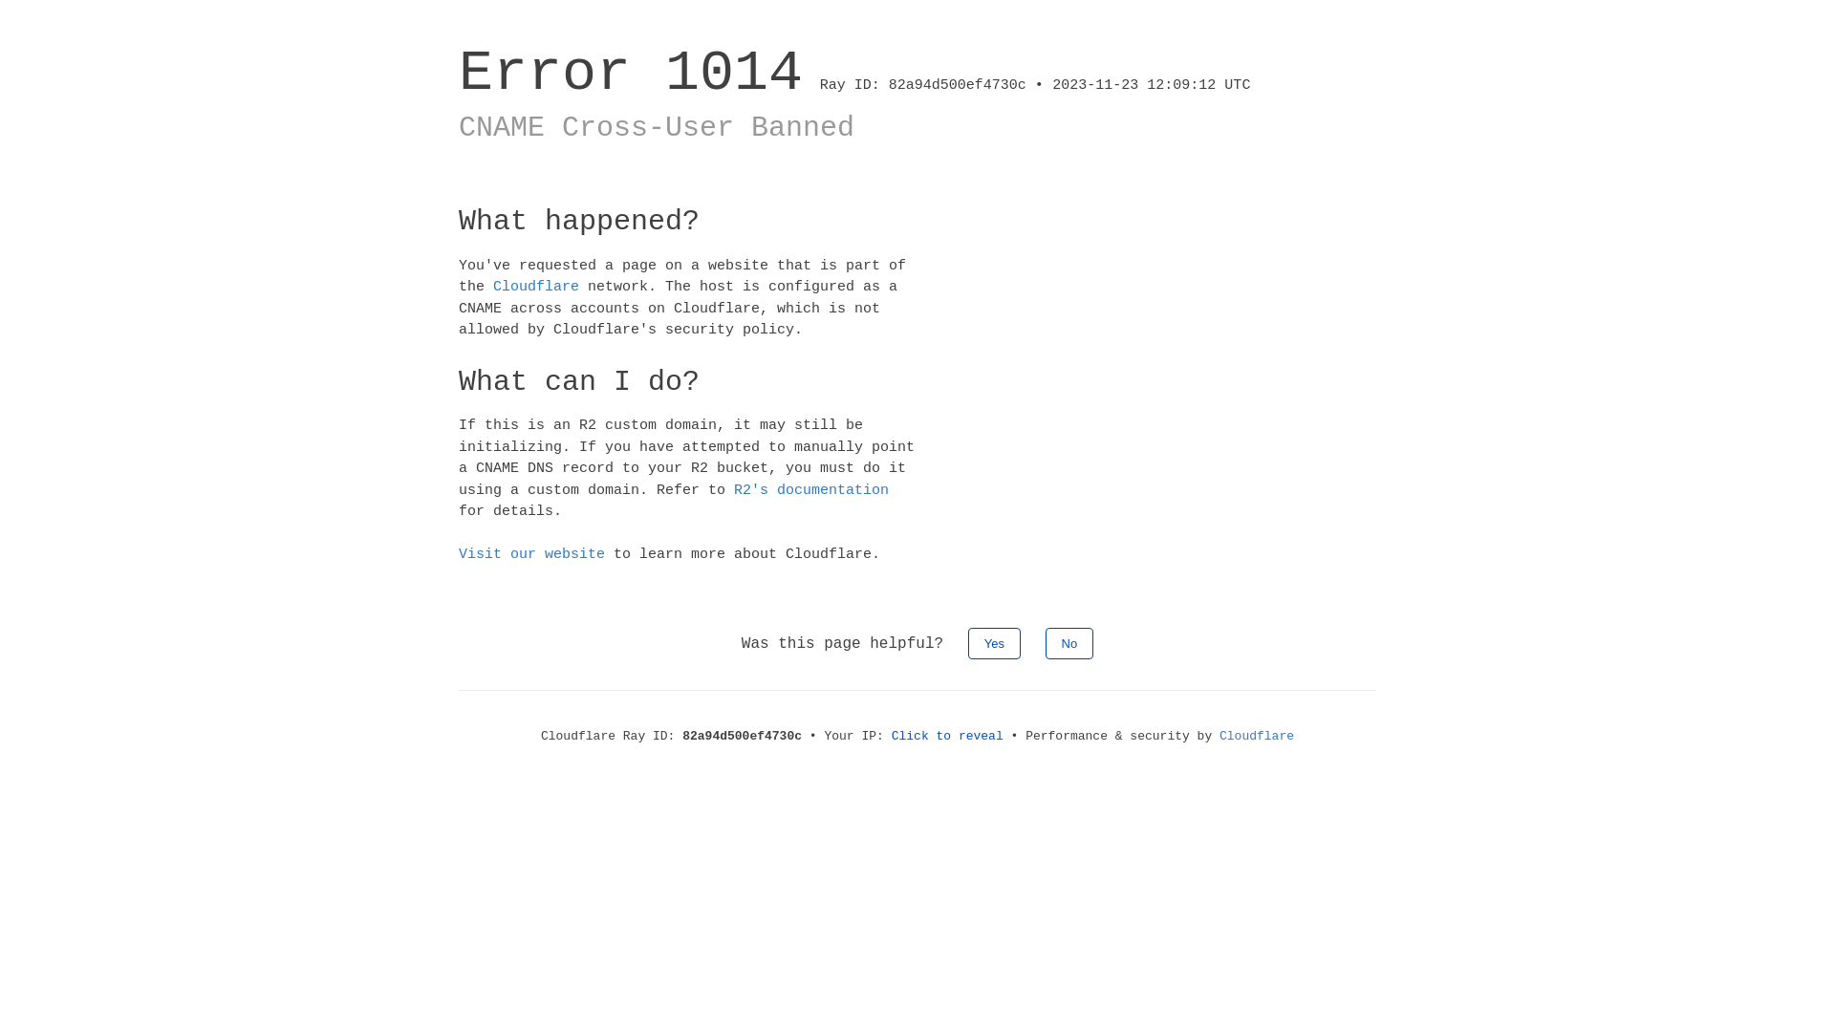 The image size is (1835, 1032). What do you see at coordinates (994, 642) in the screenshot?
I see `'Yes'` at bounding box center [994, 642].